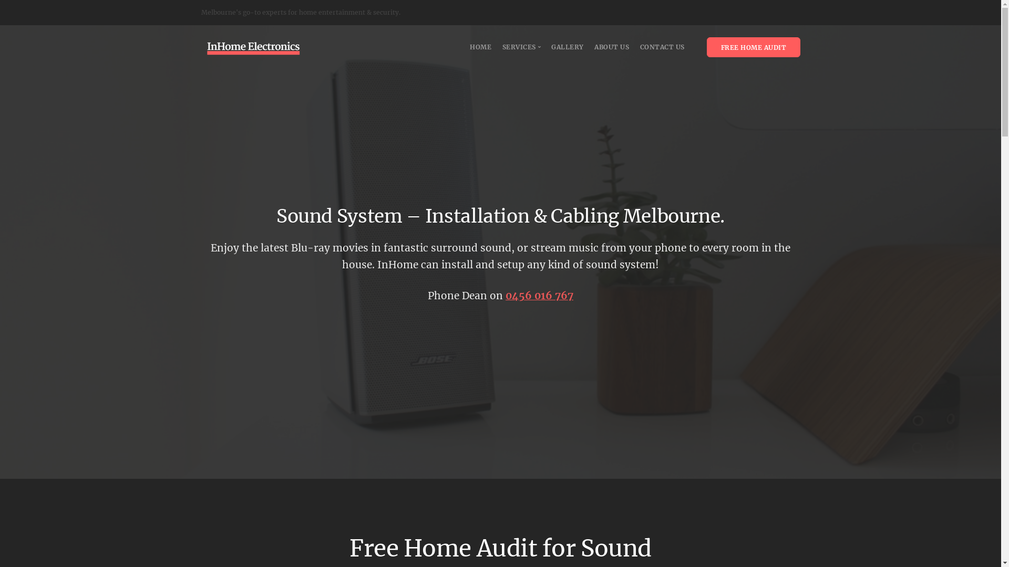 This screenshot has width=1009, height=567. Describe the element at coordinates (567, 46) in the screenshot. I see `'GALLERY'` at that location.